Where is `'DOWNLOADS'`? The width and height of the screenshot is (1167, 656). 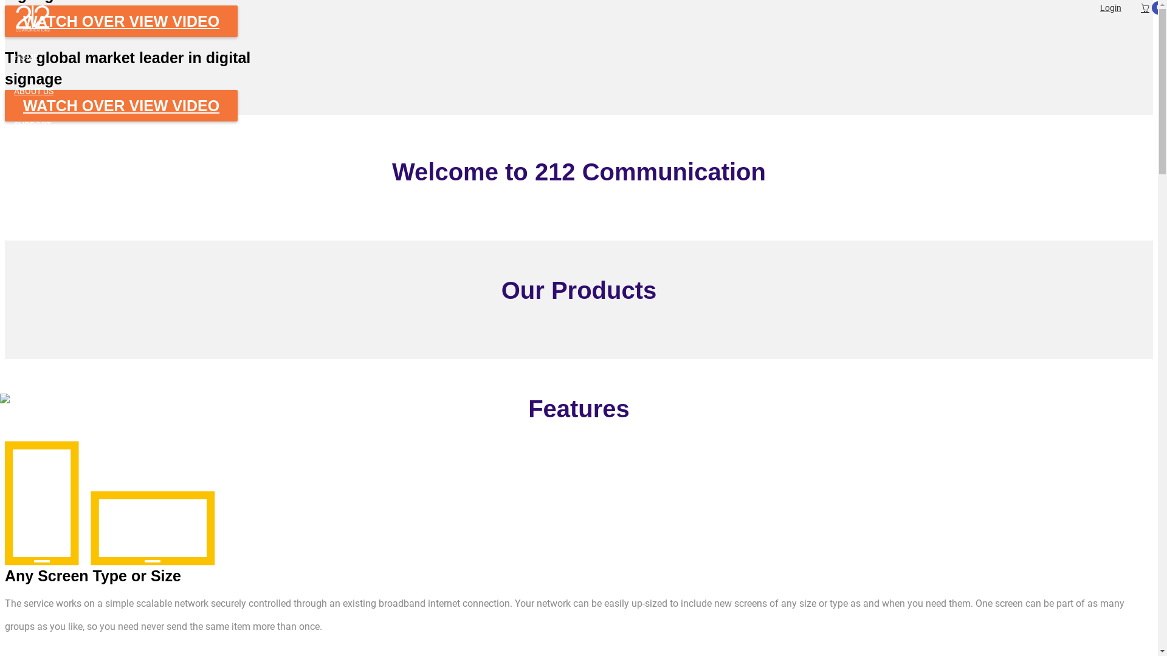
'DOWNLOADS' is located at coordinates (585, 227).